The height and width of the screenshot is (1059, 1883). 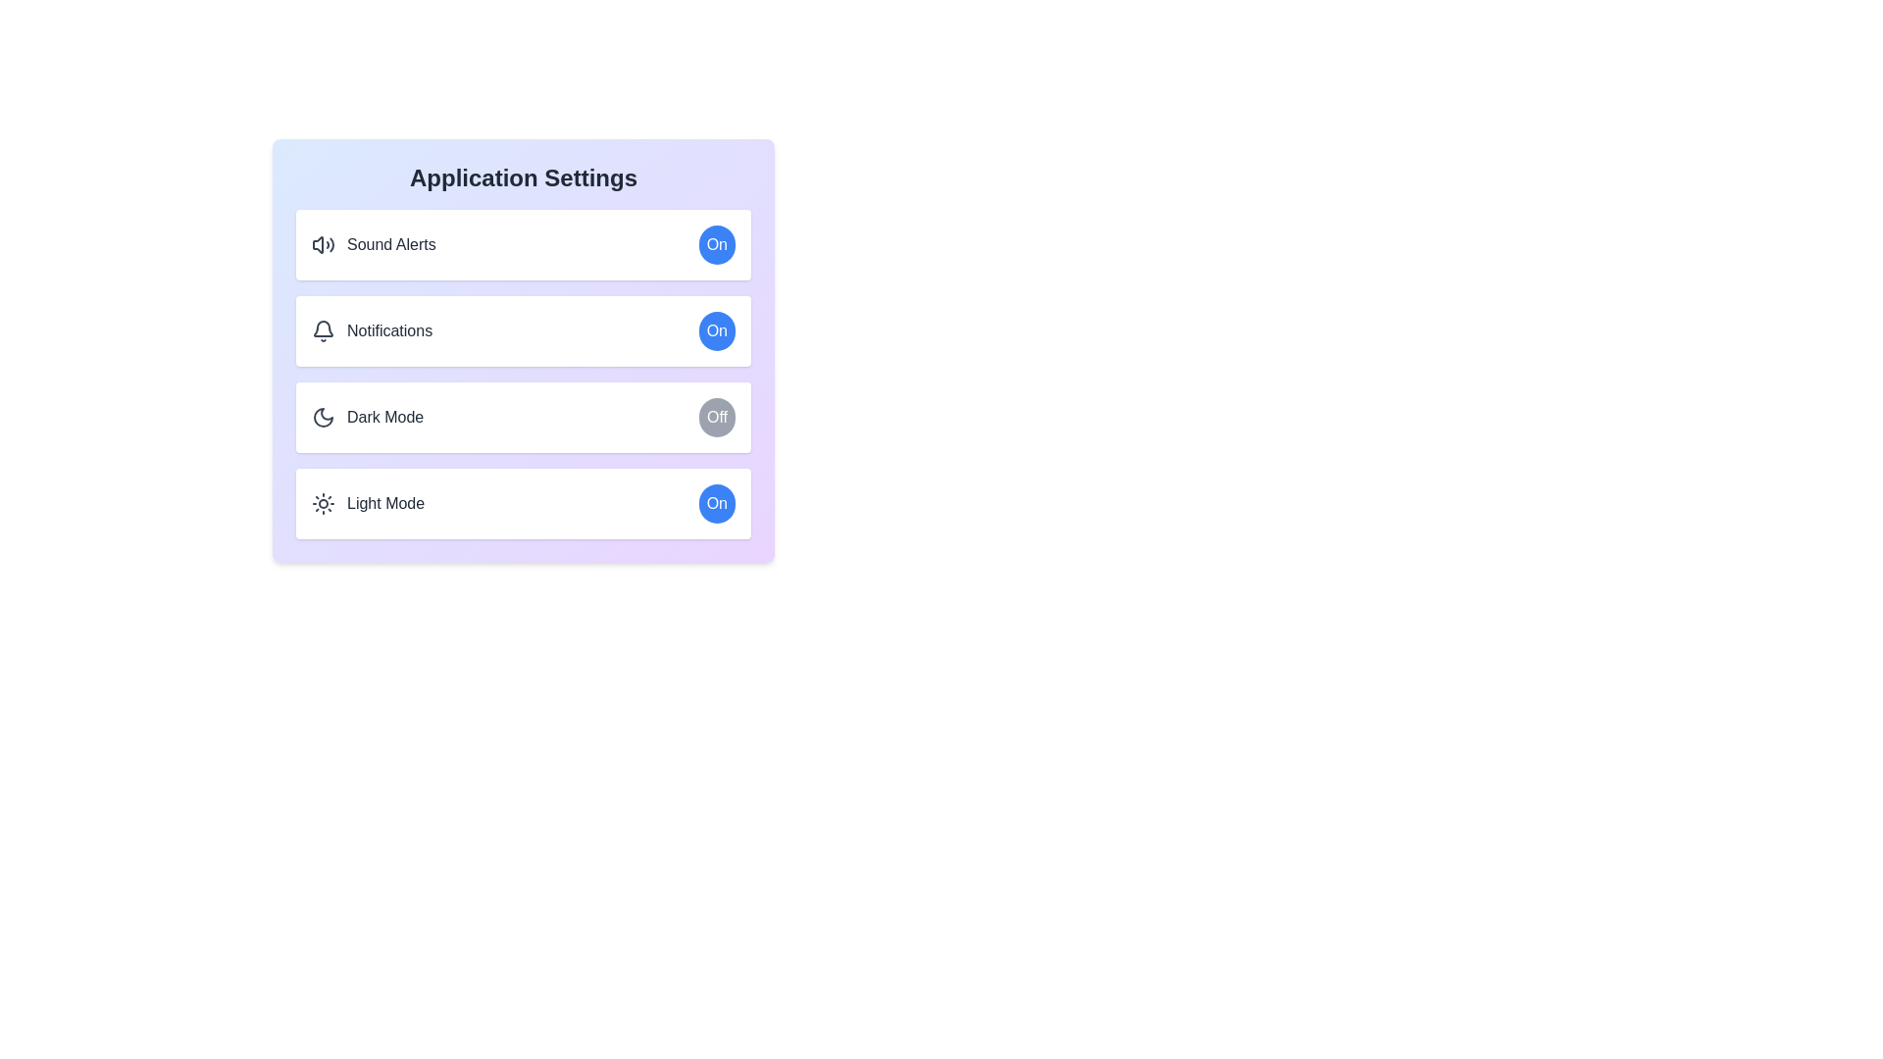 I want to click on the label with icon representing the settings option for Notifications, which is the first component in the second section of the vertically stacked menu, so click(x=372, y=330).